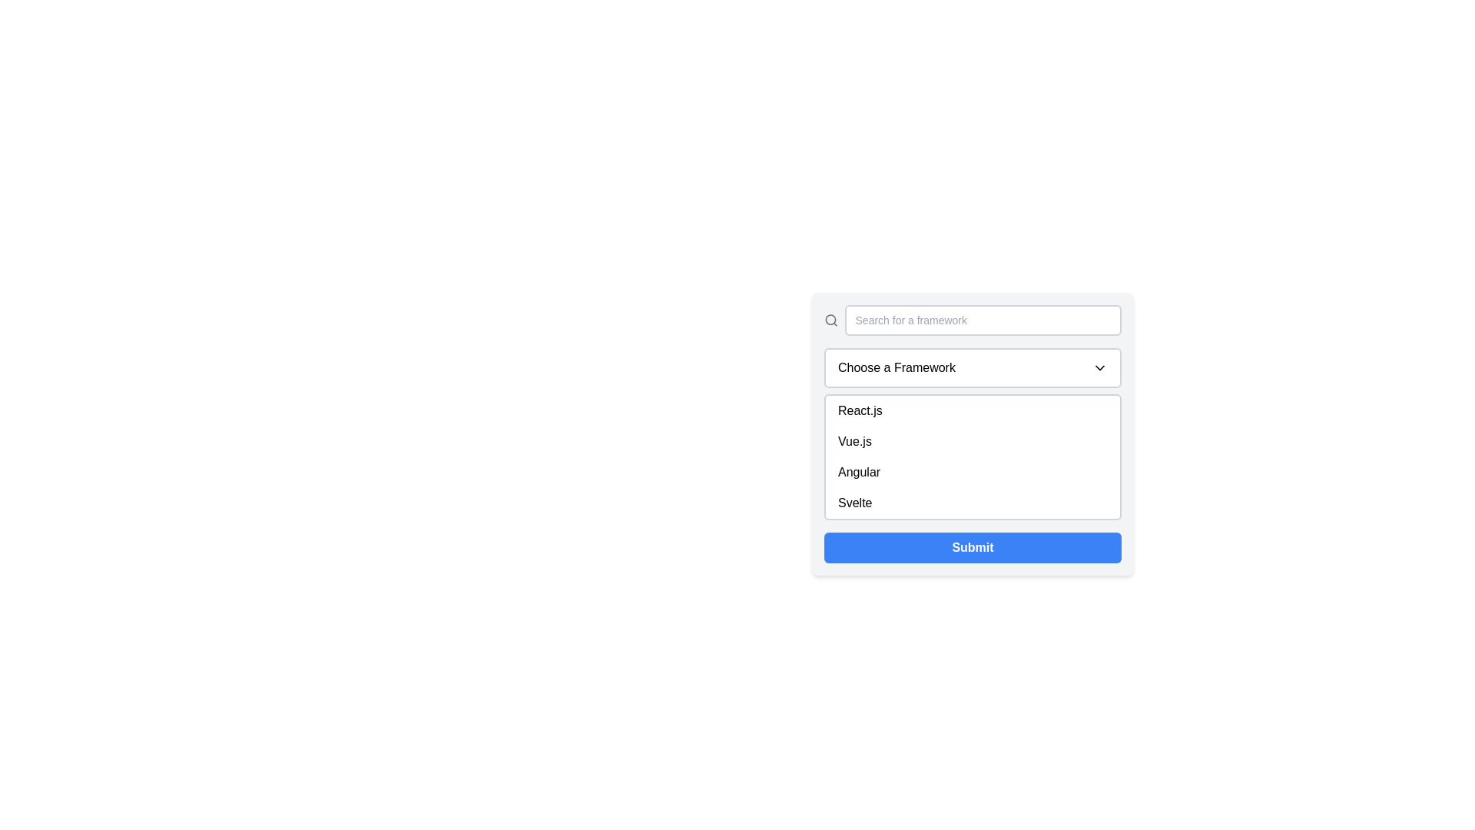 This screenshot has height=830, width=1475. What do you see at coordinates (972, 410) in the screenshot?
I see `the first list item 'React.js' in the dropdown menu` at bounding box center [972, 410].